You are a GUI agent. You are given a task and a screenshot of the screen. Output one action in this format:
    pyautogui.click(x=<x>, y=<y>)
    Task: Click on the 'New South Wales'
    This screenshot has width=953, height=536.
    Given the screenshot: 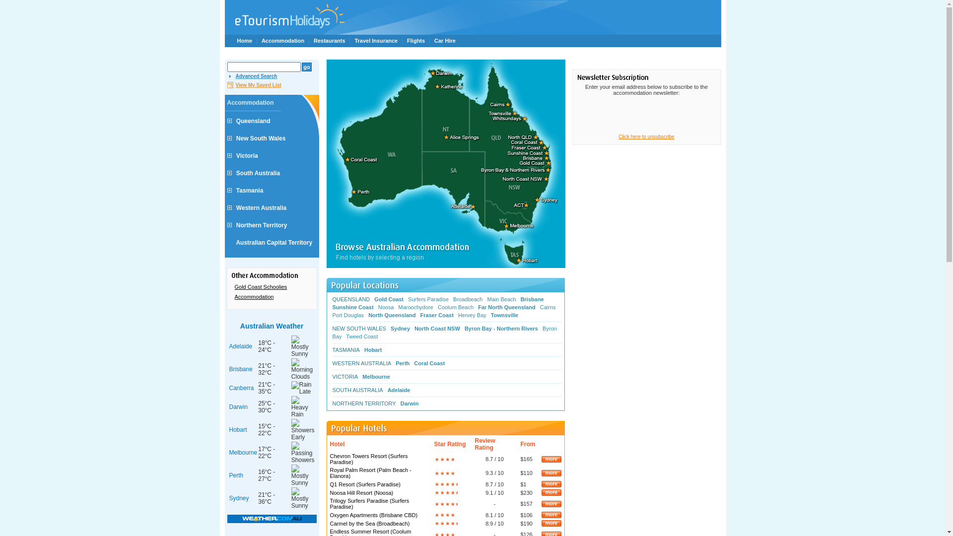 What is the action you would take?
    pyautogui.click(x=261, y=138)
    